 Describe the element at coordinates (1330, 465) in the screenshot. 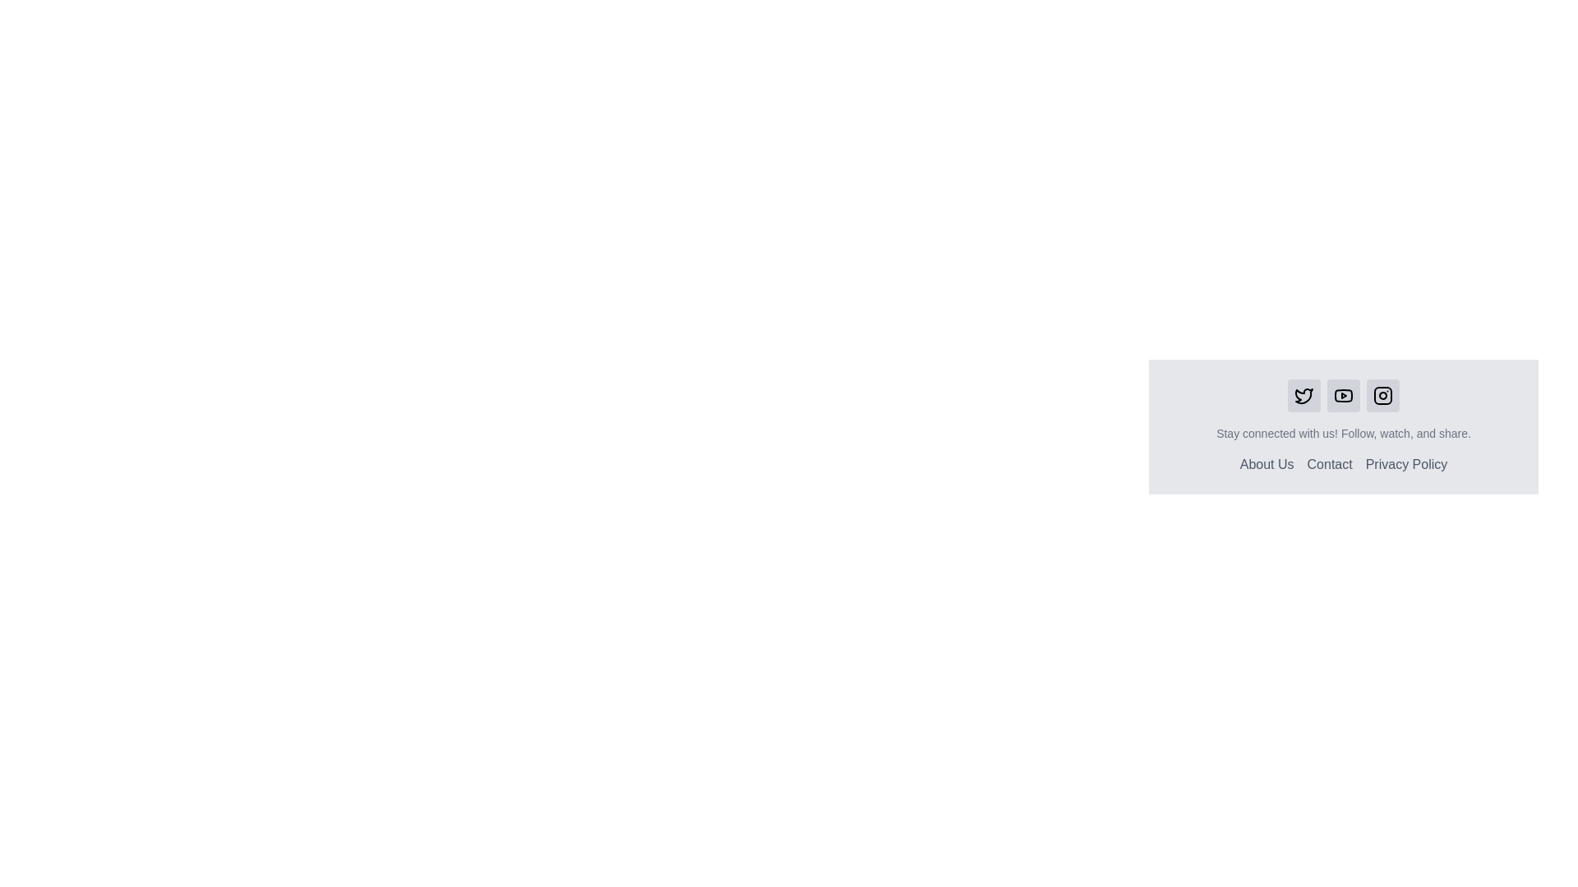

I see `the 'Contact' text hyperlink, which is styled in a sans-serif font and located near the bottom-center of the interface` at that location.